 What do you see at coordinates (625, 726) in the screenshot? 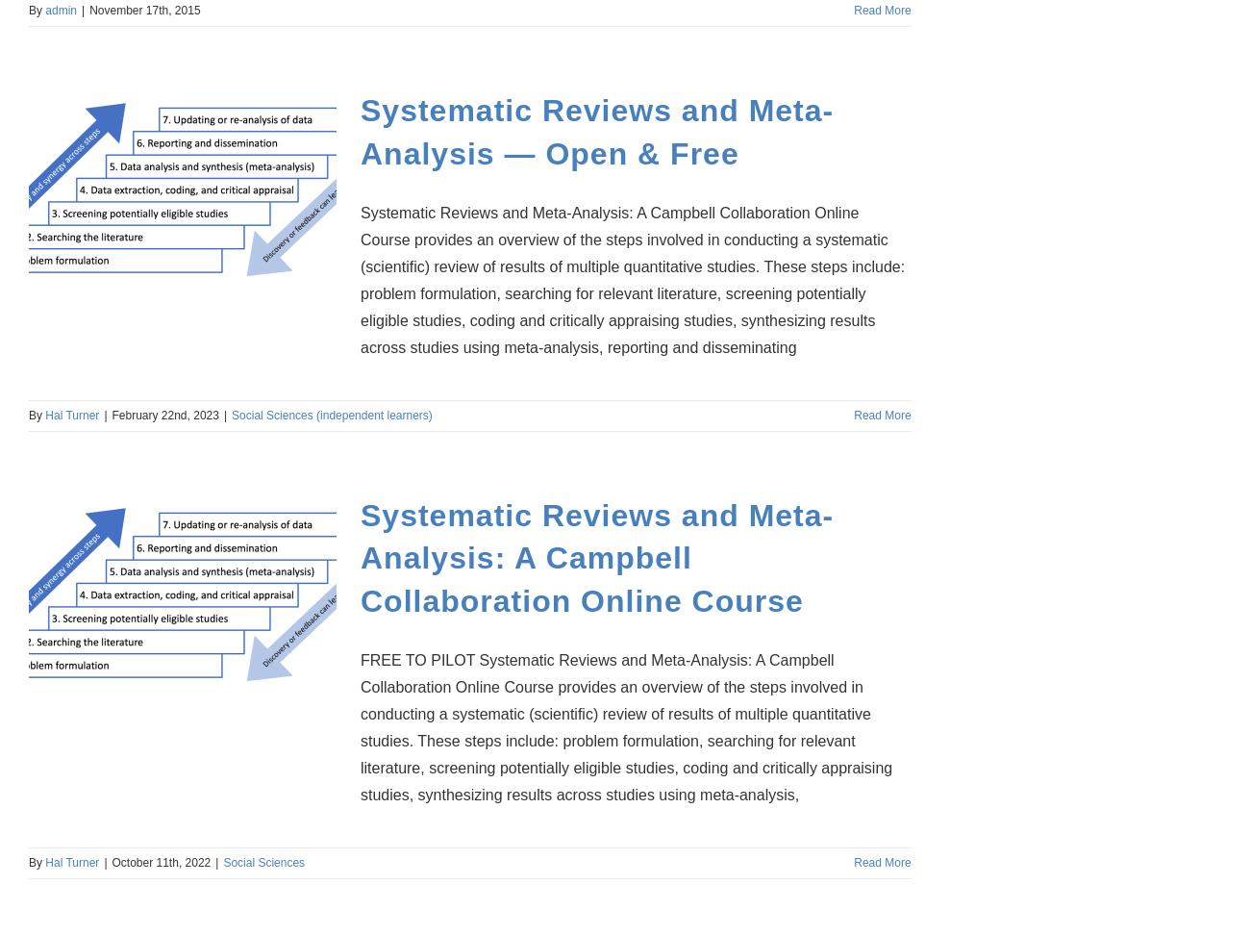
I see `'FREE TO PILOT Systematic Reviews and Meta-Analysis: A Campbell Collaboration Online Course provides an overview of the steps involved in conducting a systematic (scientific) review of results of multiple quantitative studies. These steps include: problem formulation, searching for relevant literature, screening potentially eligible studies, coding and critically appraising studies, synthesizing results across studies using meta-analysis,'` at bounding box center [625, 726].